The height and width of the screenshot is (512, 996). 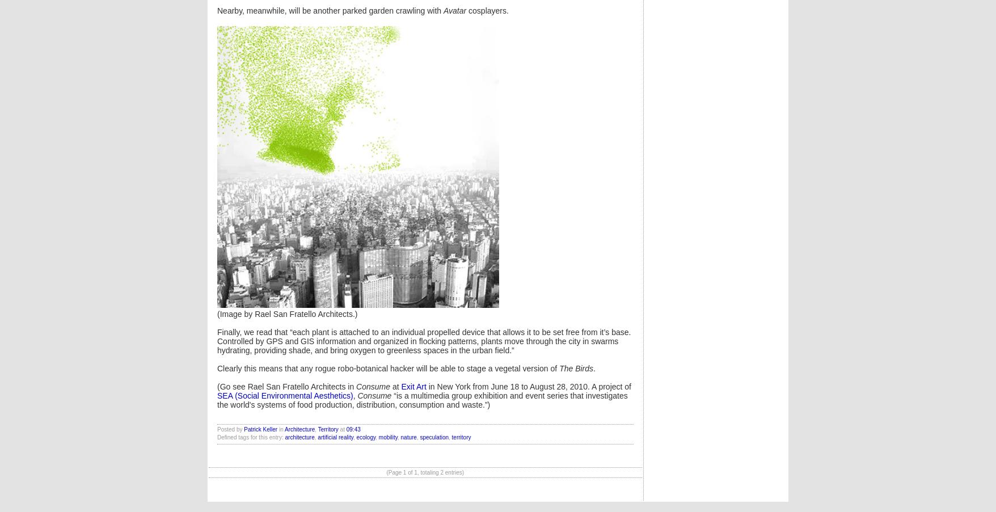 I want to click on '(Go see Rael San Fratello Architects in', so click(x=216, y=386).